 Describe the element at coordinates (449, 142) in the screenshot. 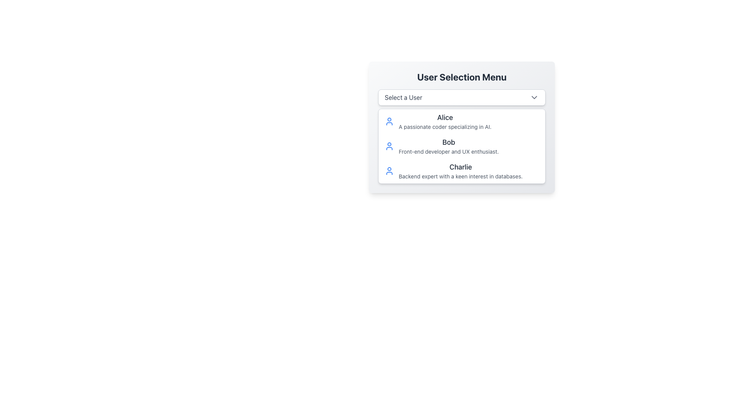

I see `the Text Label displaying 'Bob' in bold, dark gray font, positioned between 'Alice' and 'Charlie' in the User Selection Menu` at that location.